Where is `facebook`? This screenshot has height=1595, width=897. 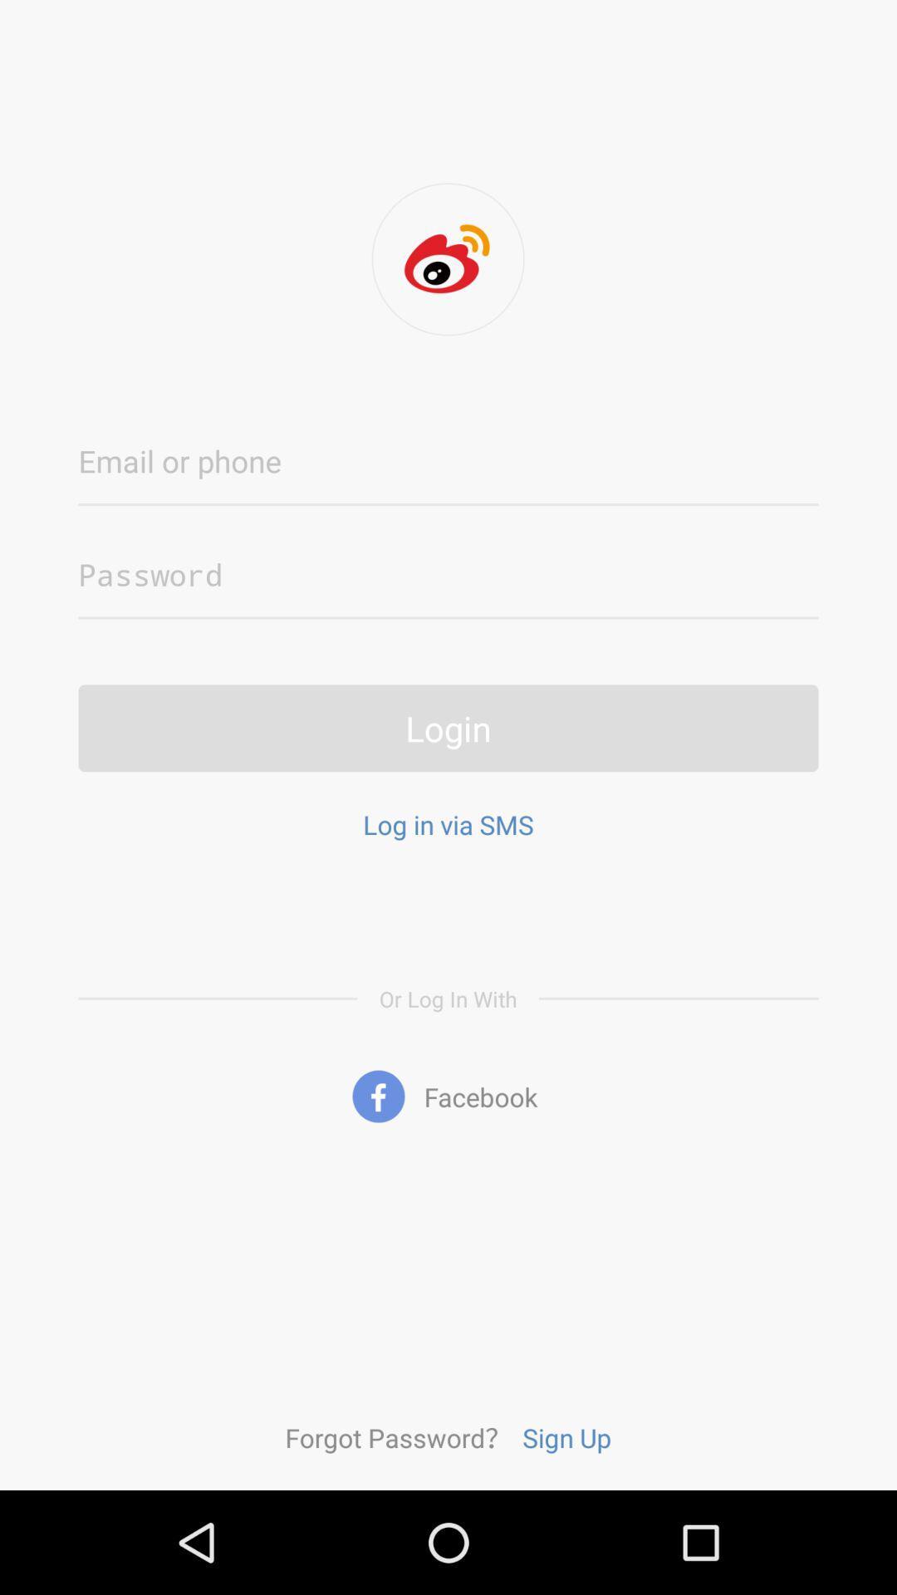
facebook is located at coordinates (448, 1097).